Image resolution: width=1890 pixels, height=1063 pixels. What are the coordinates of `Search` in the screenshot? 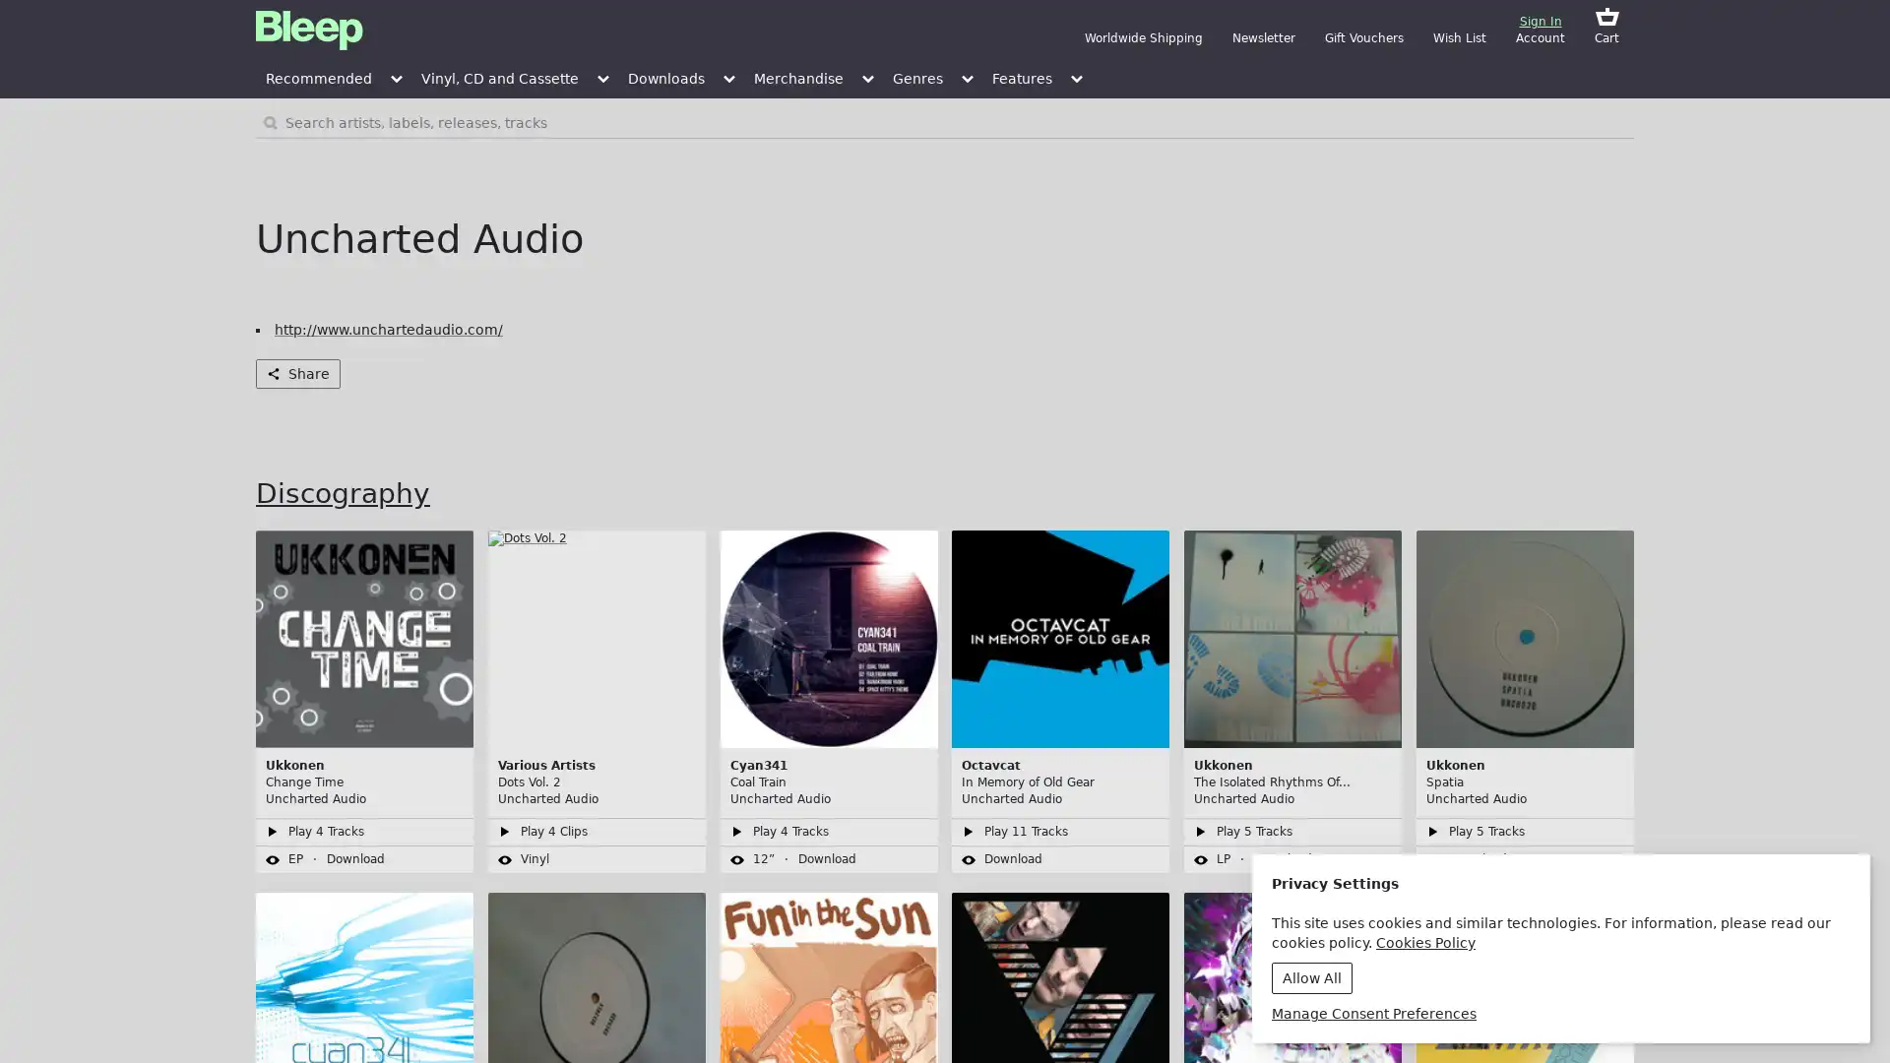 It's located at (1524, 122).